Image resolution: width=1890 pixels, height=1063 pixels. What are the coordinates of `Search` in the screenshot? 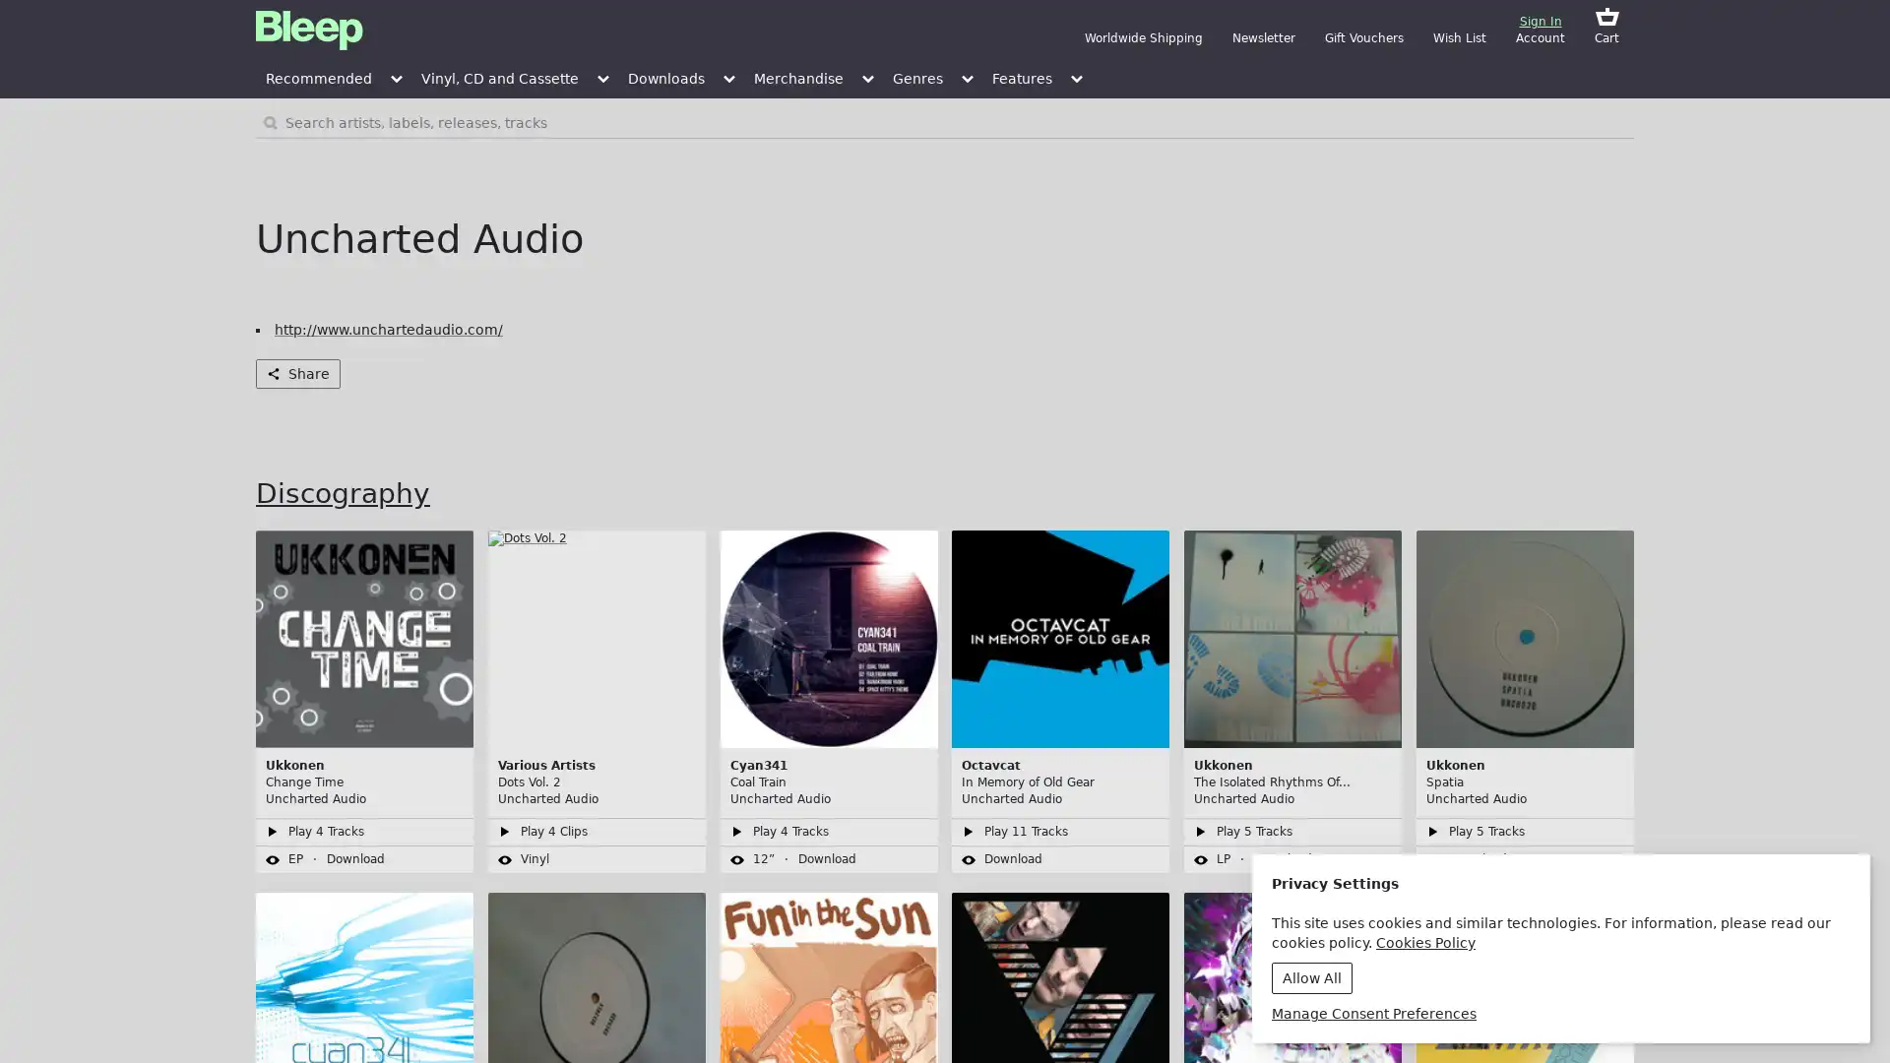 It's located at (1524, 122).